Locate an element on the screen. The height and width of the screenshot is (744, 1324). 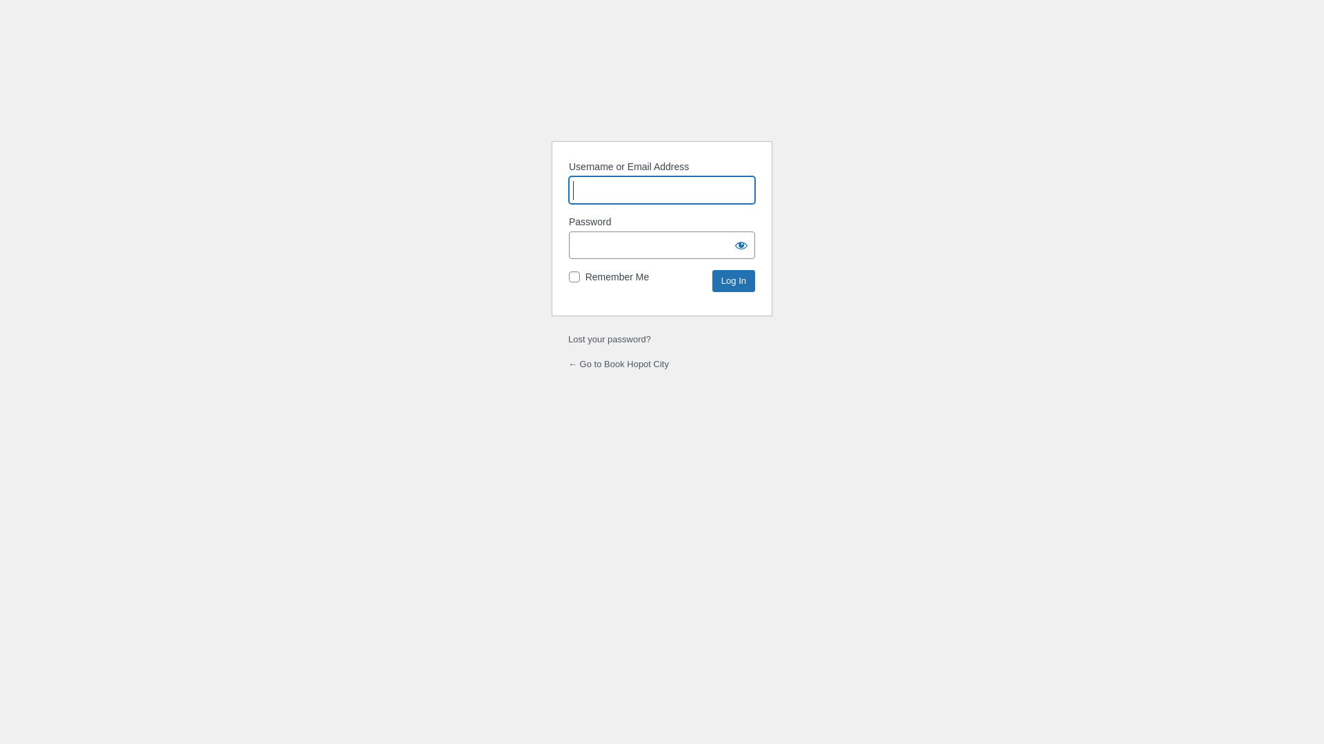
'Powered by WordPress' is located at coordinates (662, 94).